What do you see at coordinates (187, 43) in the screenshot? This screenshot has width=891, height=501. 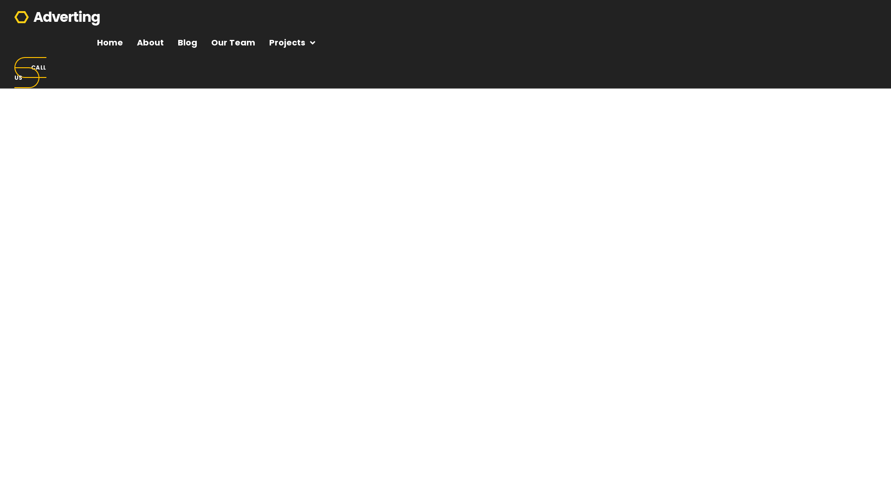 I see `'Blog'` at bounding box center [187, 43].